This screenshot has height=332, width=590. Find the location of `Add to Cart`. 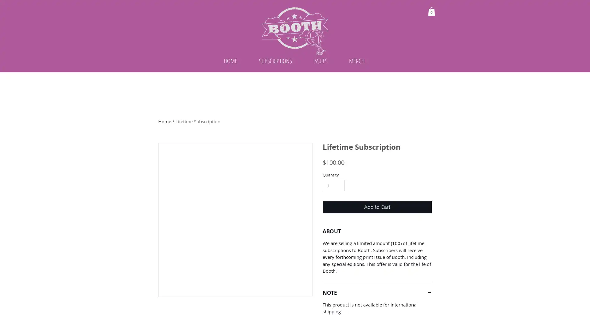

Add to Cart is located at coordinates (377, 223).